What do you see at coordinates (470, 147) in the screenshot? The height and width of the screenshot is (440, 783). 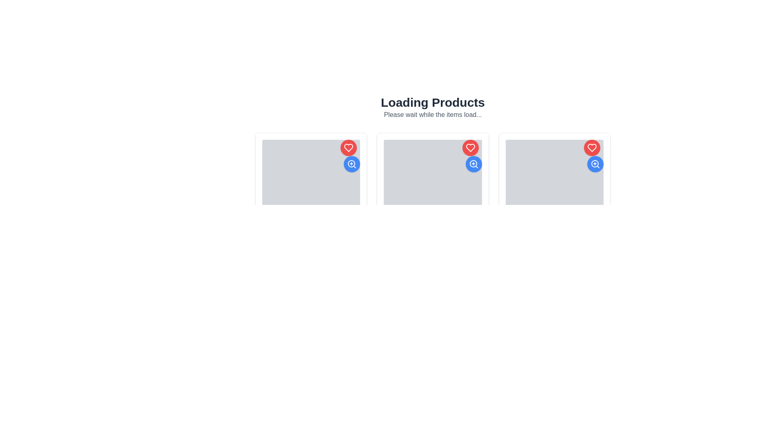 I see `the 'Like' button located in the upper-right corner of the middle product card` at bounding box center [470, 147].